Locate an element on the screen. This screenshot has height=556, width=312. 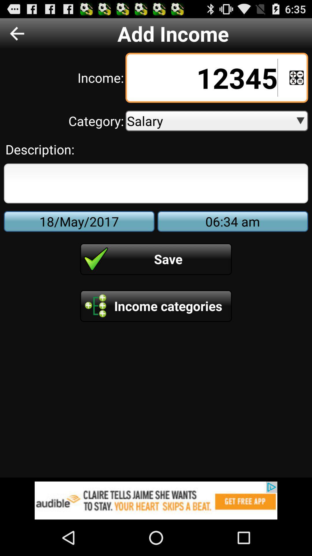
the arrow_backward icon is located at coordinates (17, 36).